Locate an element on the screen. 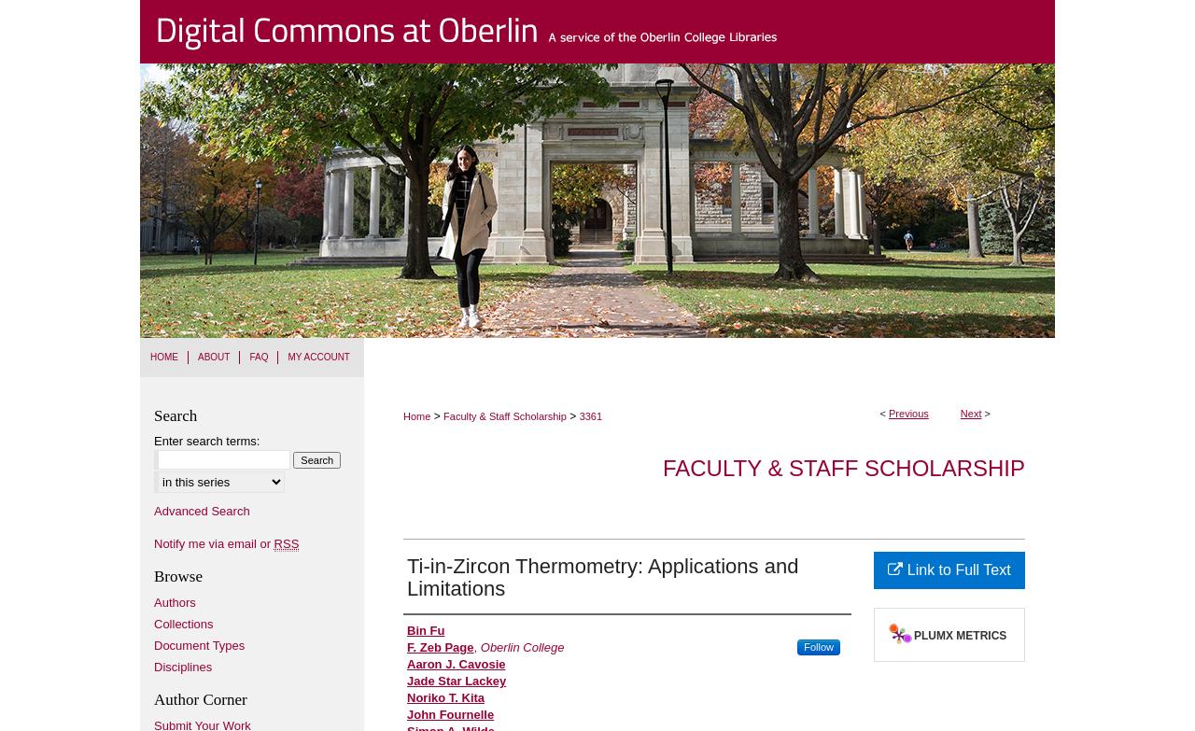  'Document Types' is located at coordinates (199, 643).